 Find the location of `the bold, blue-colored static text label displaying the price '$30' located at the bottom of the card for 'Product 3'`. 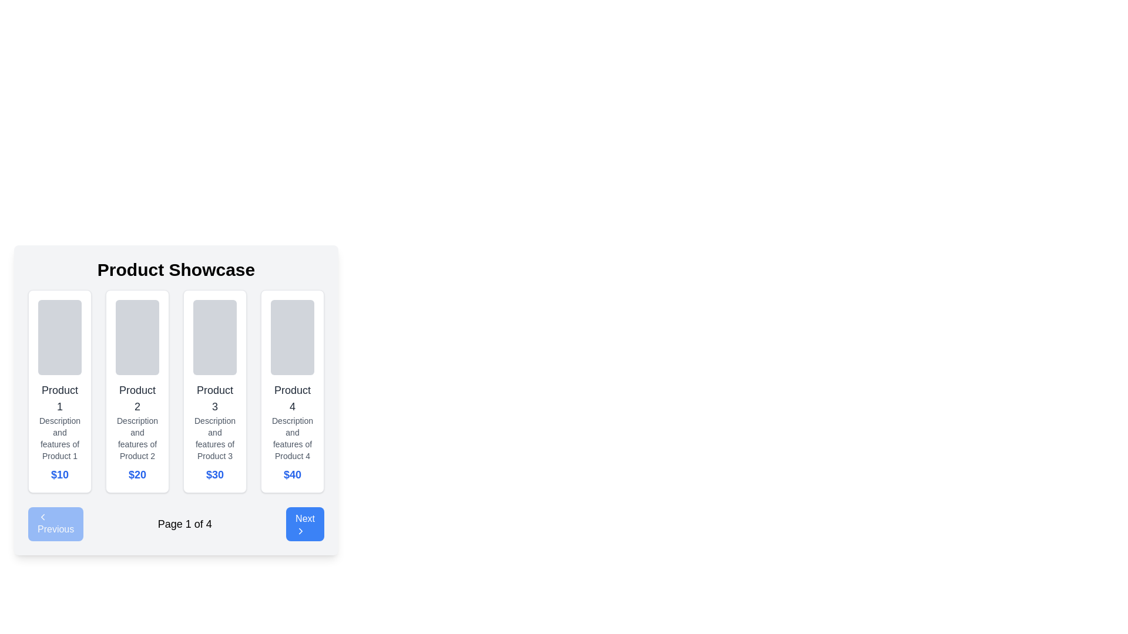

the bold, blue-colored static text label displaying the price '$30' located at the bottom of the card for 'Product 3' is located at coordinates (214, 474).